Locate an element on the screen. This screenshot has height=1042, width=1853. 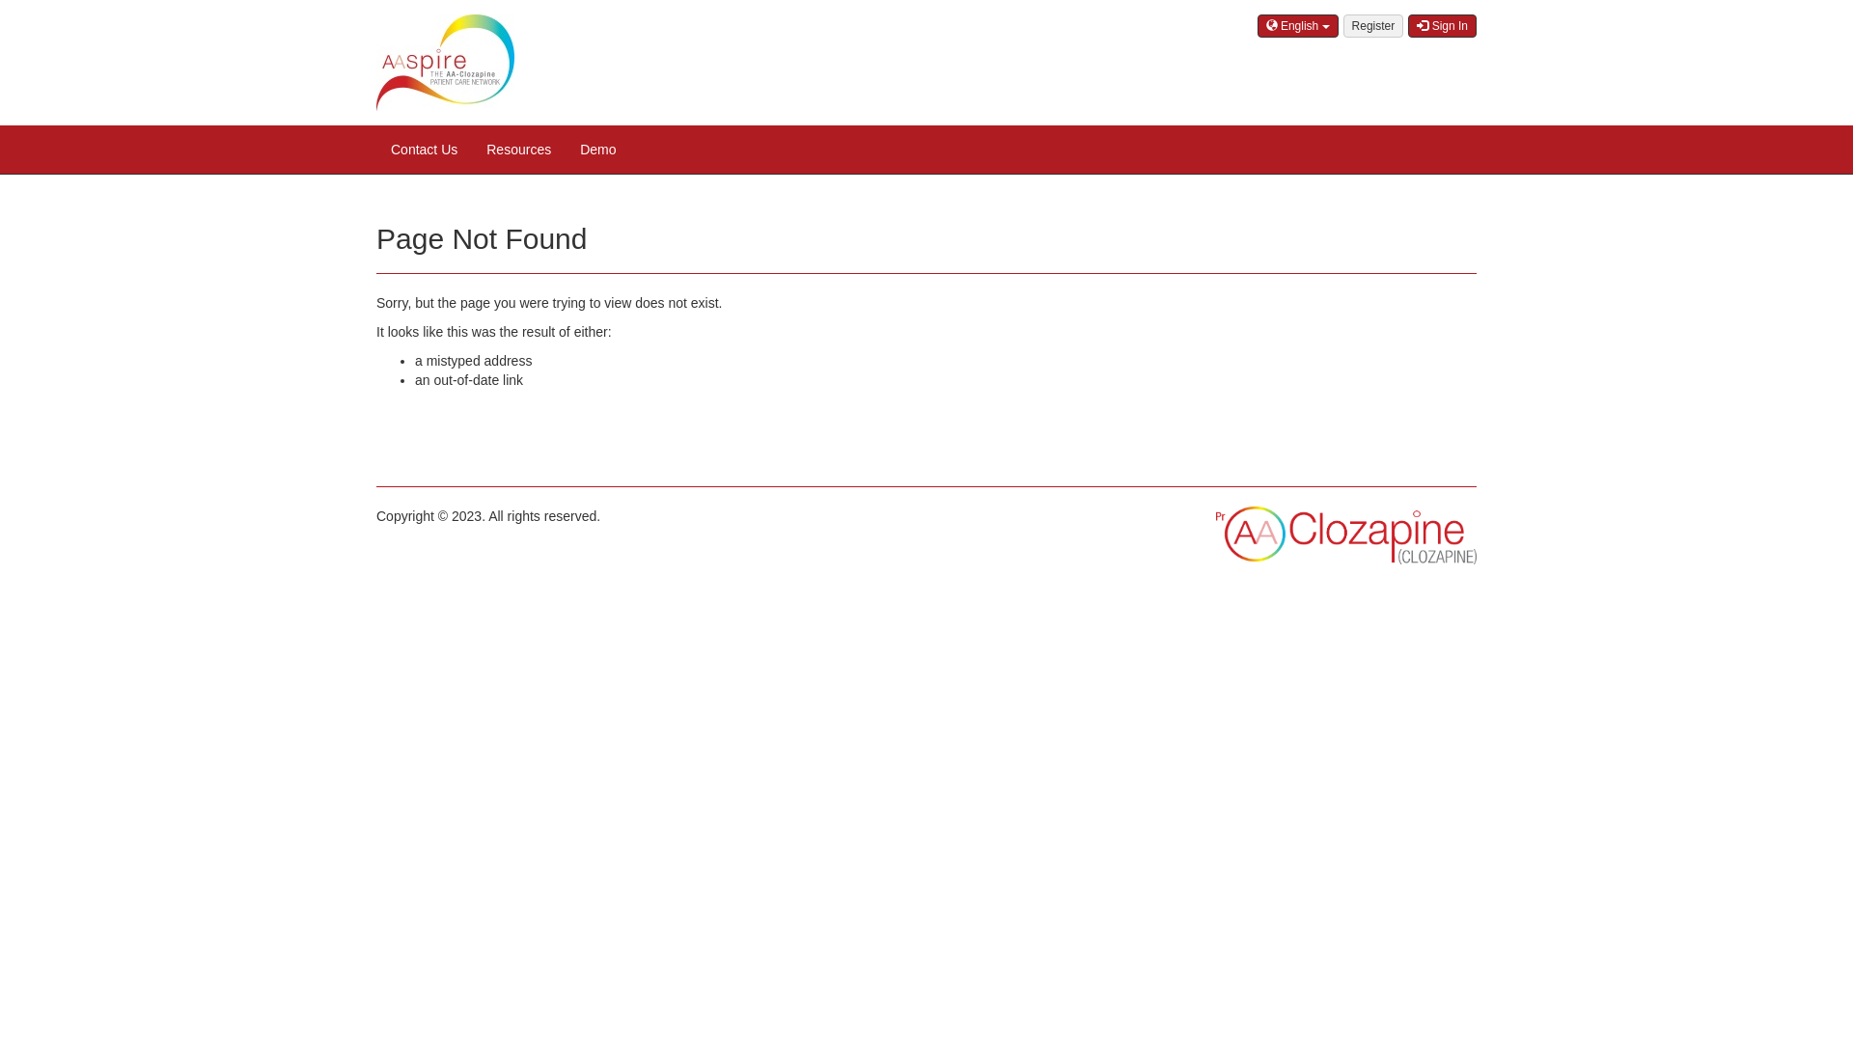
'Resources' is located at coordinates (472, 148).